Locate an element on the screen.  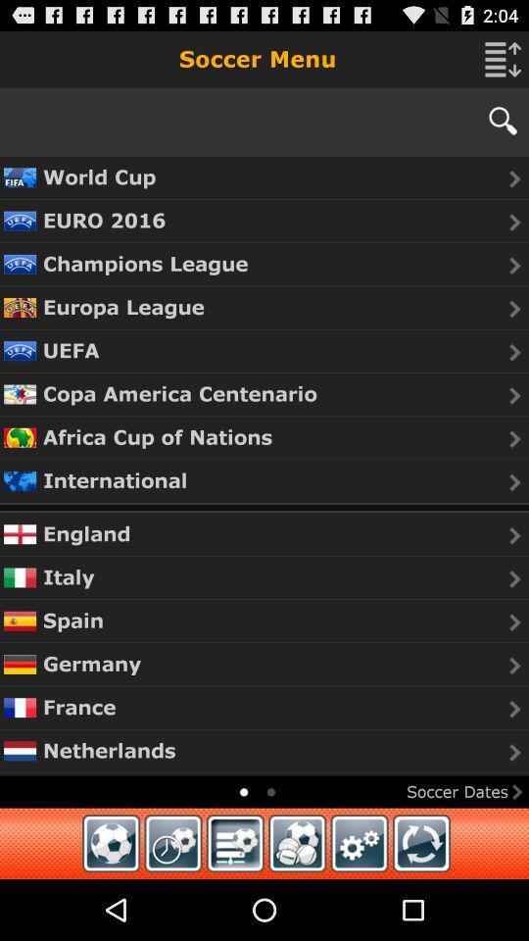
the flag which is to the immediate left of italy is located at coordinates (19, 576).